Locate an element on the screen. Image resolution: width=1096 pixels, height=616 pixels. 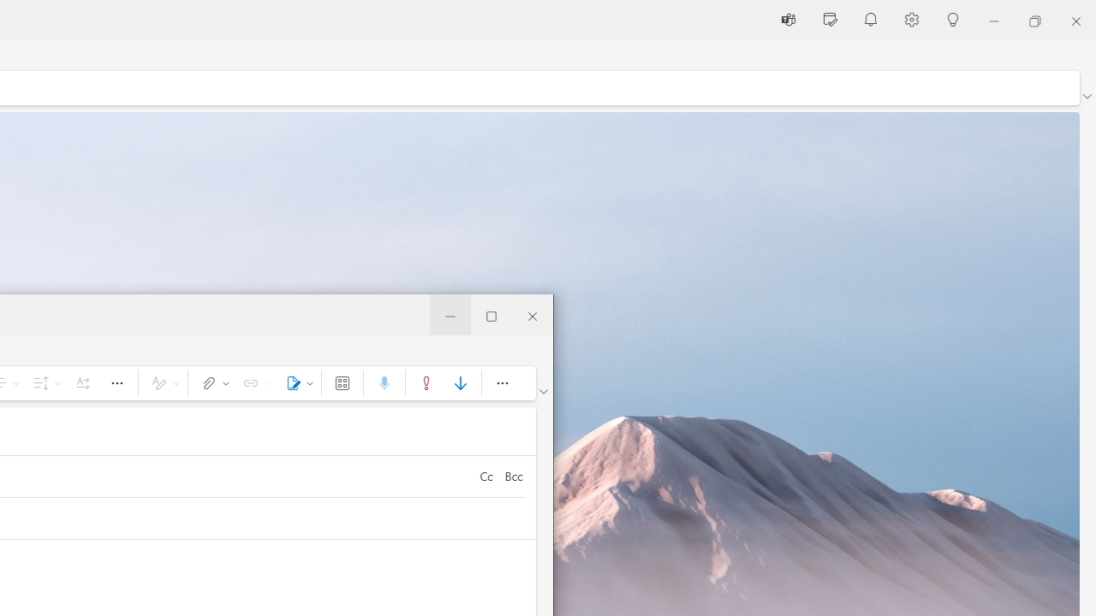
'More options' is located at coordinates (501, 382).